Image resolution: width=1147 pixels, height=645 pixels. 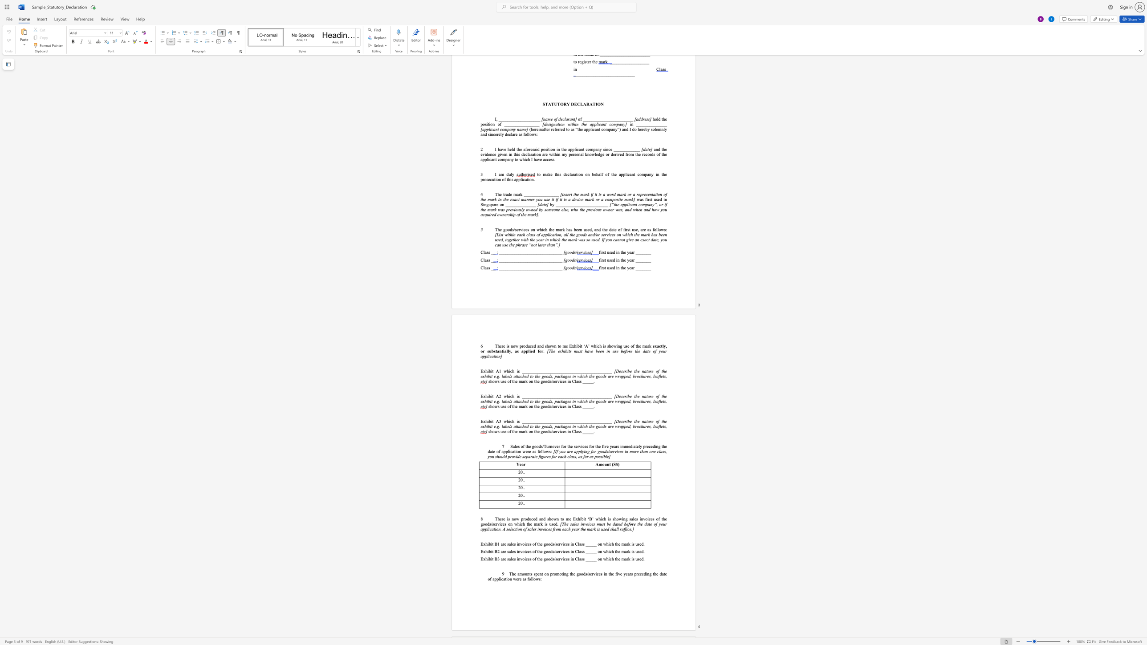 What do you see at coordinates (567, 446) in the screenshot?
I see `the subset text "the services for th" within the text "Sales of the goods/Turnover for the services for the five years"` at bounding box center [567, 446].